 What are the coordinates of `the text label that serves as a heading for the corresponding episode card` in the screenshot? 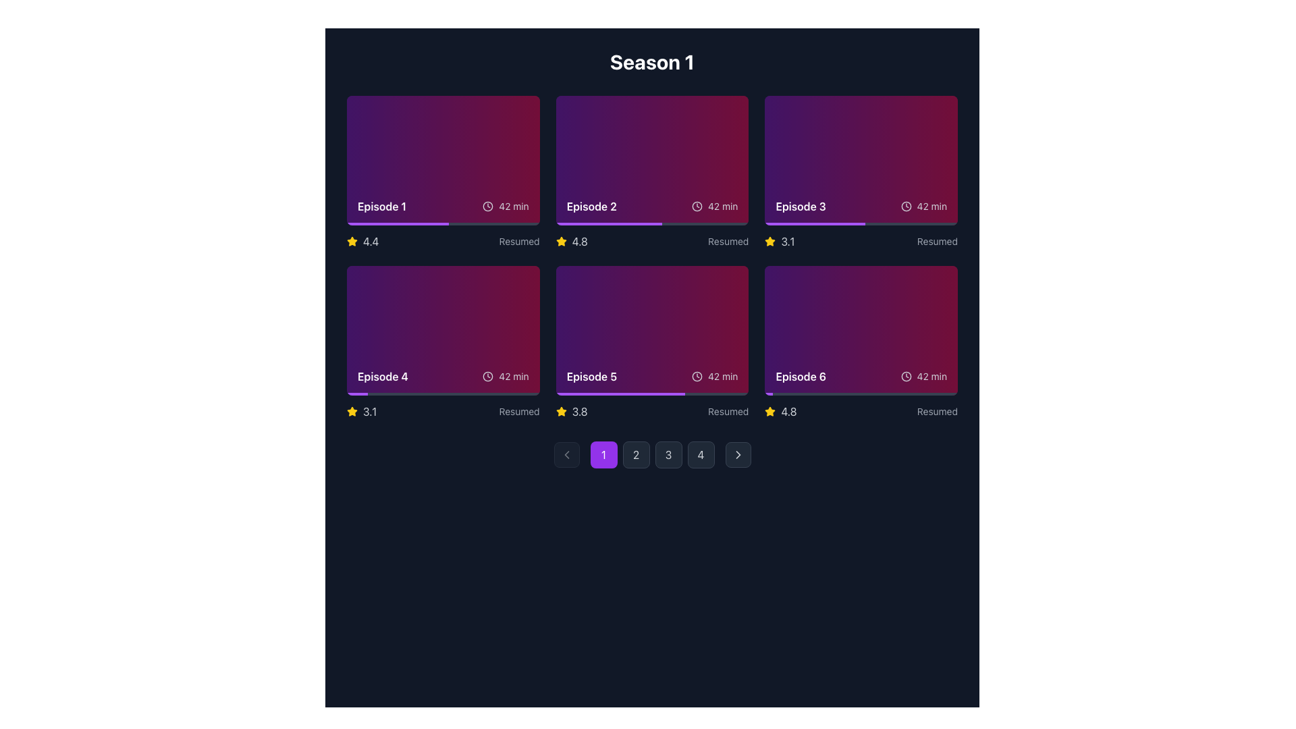 It's located at (801, 377).